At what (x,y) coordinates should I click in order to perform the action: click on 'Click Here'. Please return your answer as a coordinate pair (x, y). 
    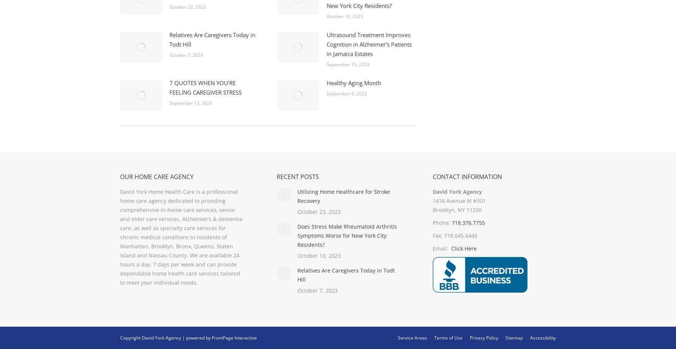
    Looking at the image, I should click on (451, 248).